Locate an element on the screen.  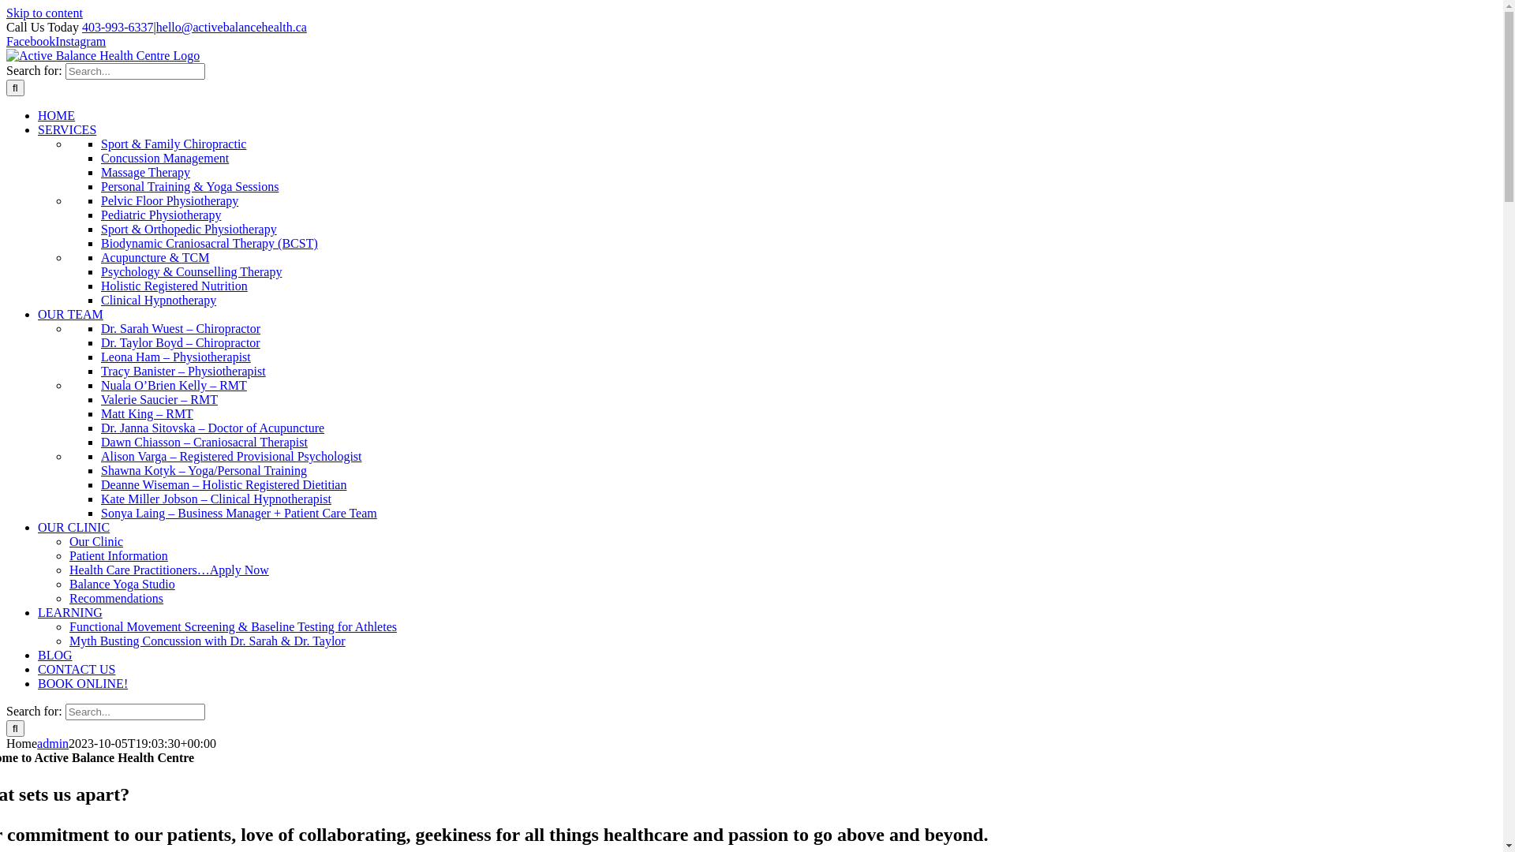
'Massage Therapy' is located at coordinates (145, 172).